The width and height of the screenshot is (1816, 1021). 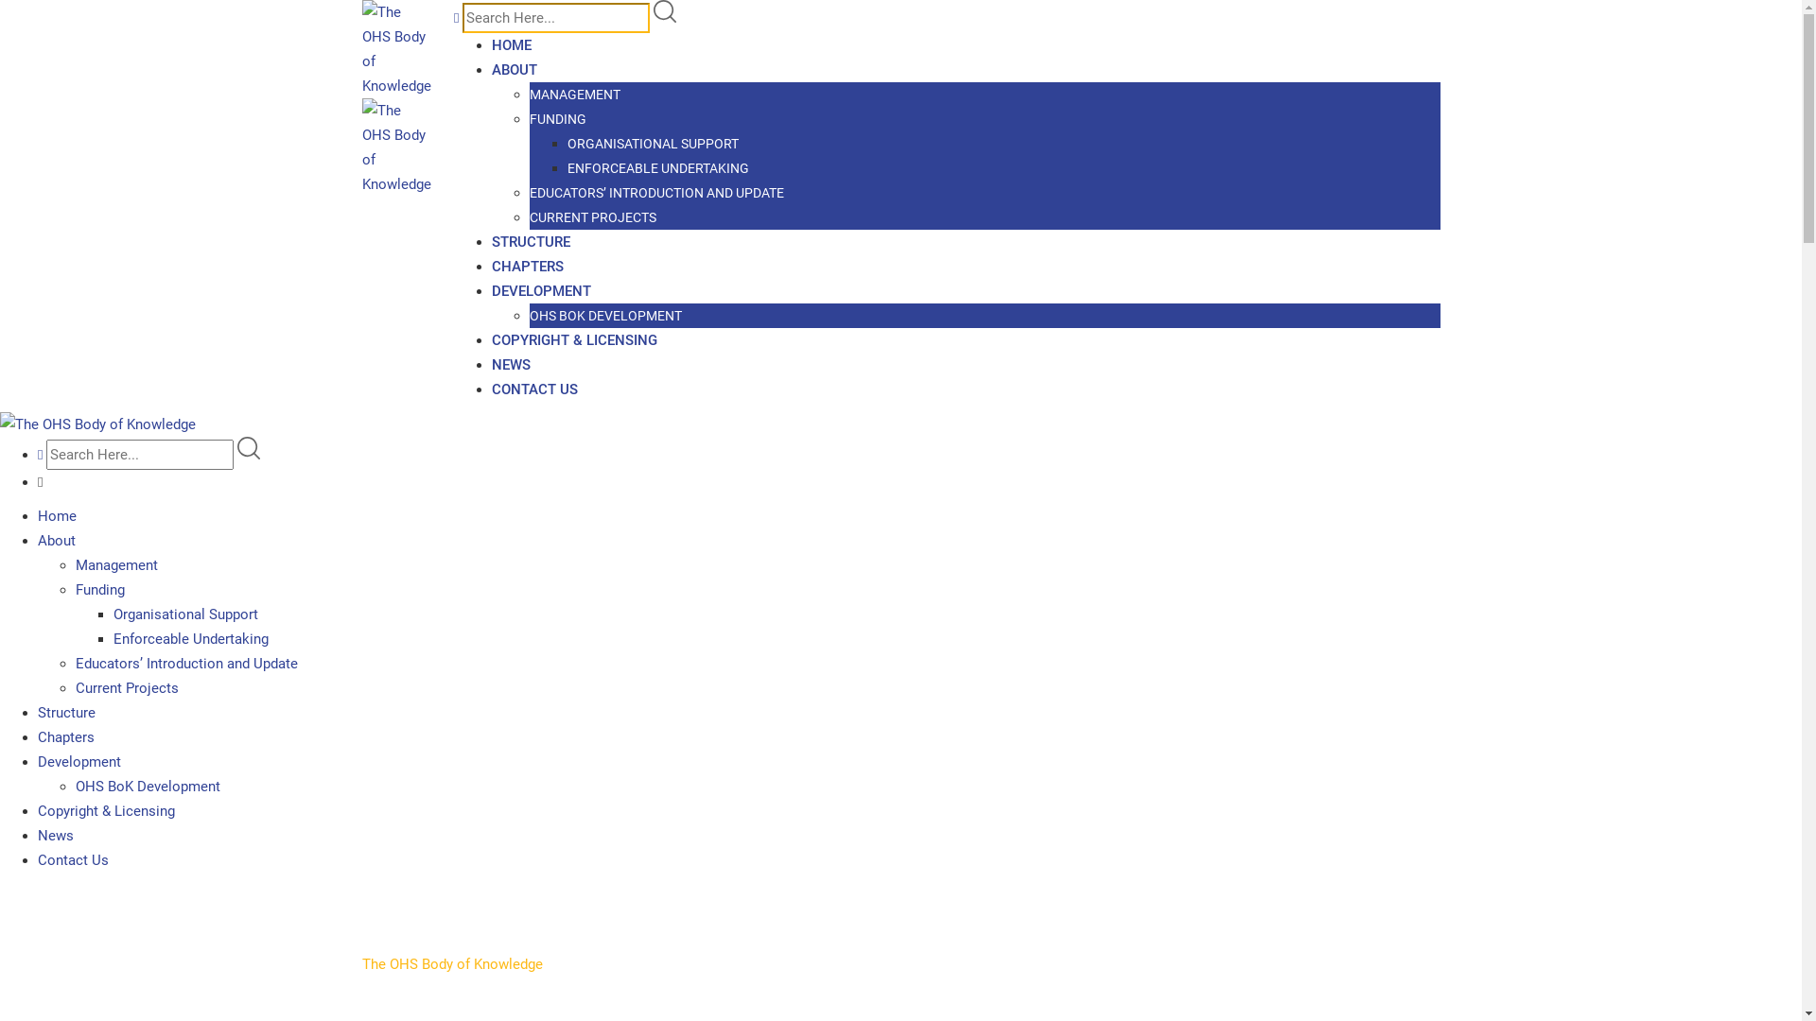 What do you see at coordinates (66, 712) in the screenshot?
I see `'Structure'` at bounding box center [66, 712].